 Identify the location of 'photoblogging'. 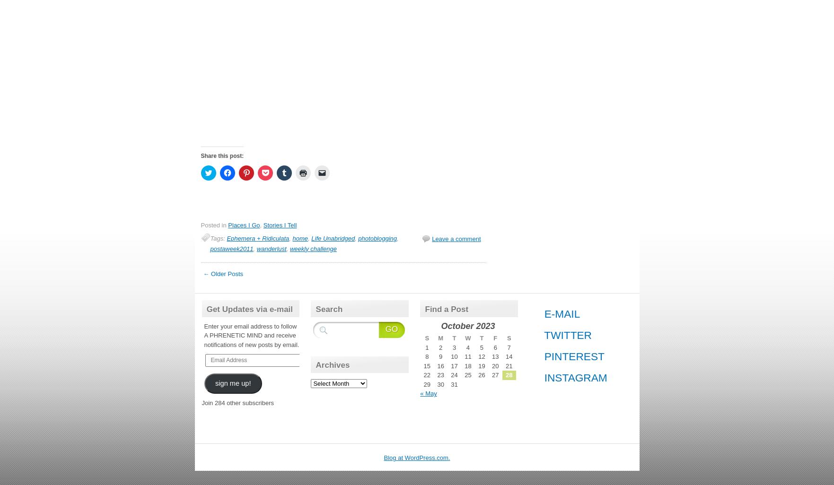
(377, 237).